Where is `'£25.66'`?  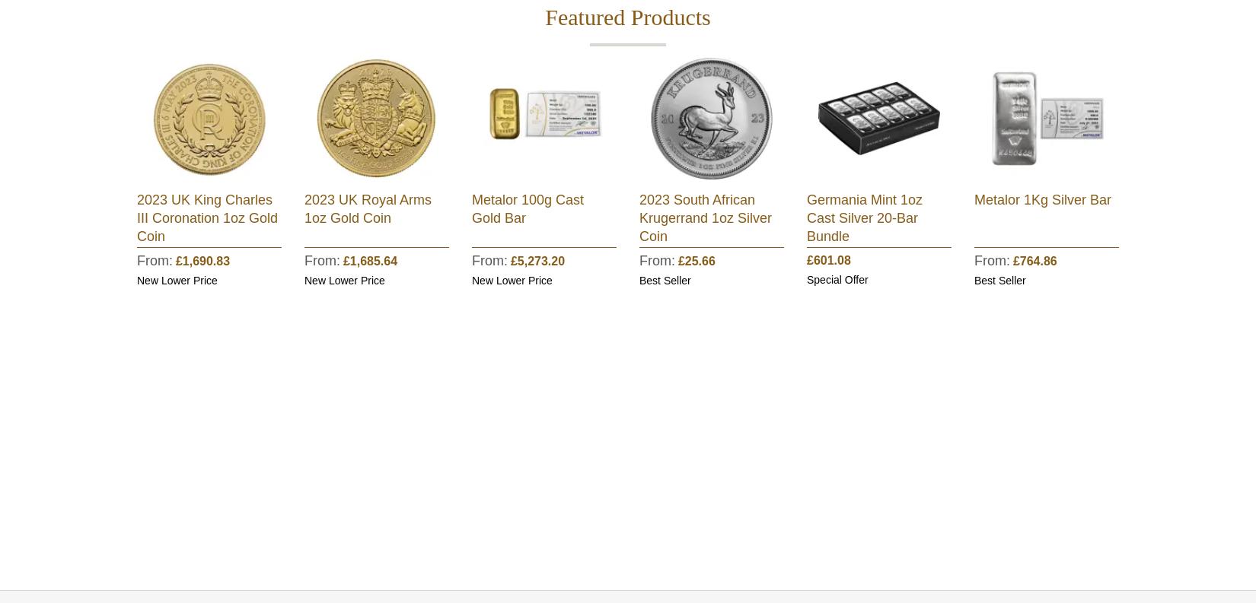 '£25.66' is located at coordinates (696, 261).